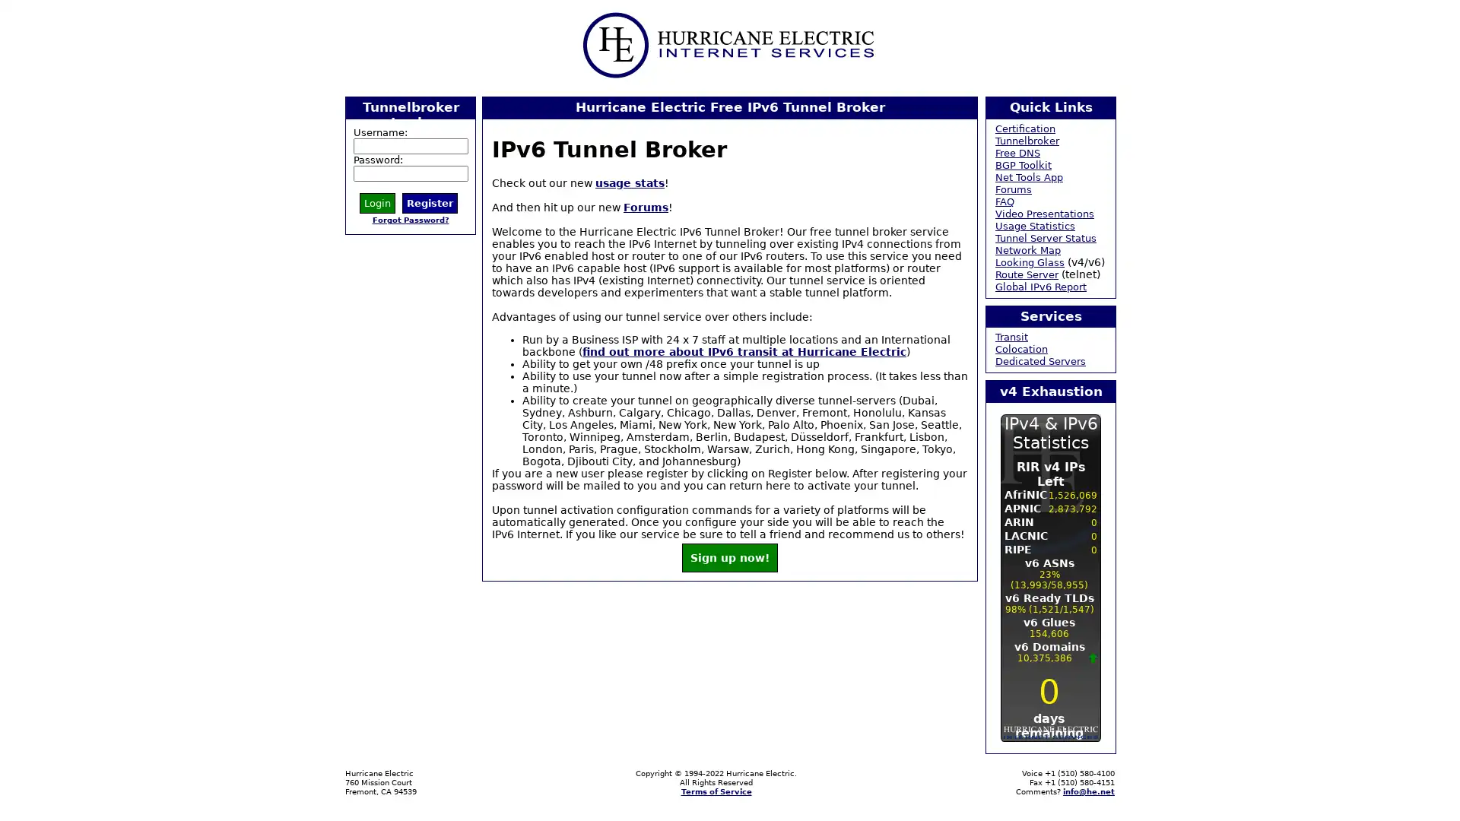 This screenshot has height=821, width=1460. I want to click on Login, so click(377, 201).